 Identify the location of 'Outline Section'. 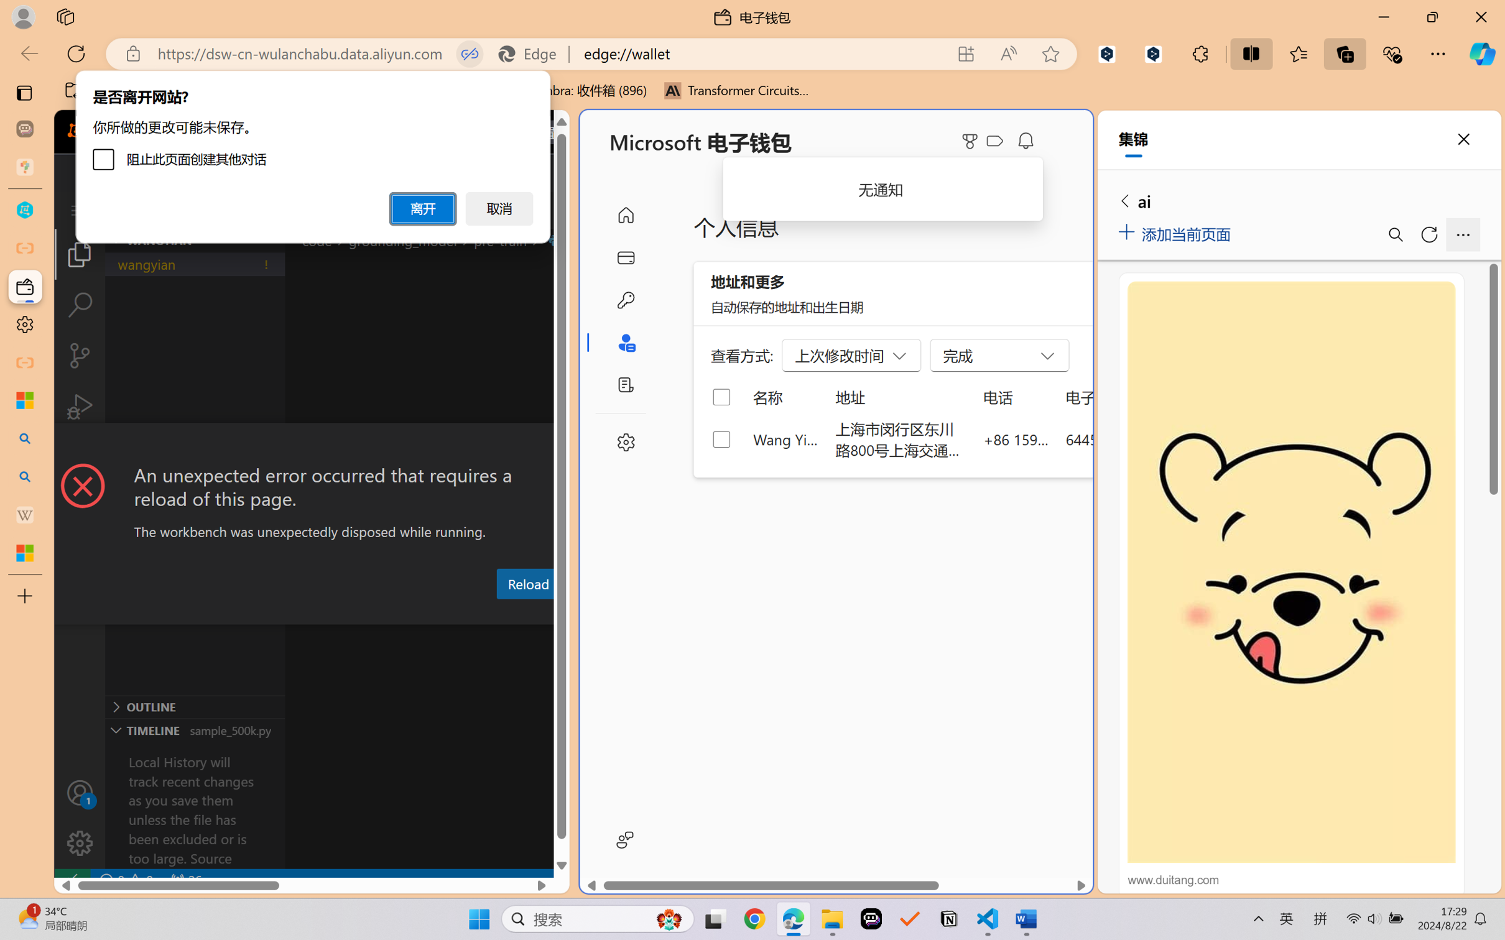
(195, 706).